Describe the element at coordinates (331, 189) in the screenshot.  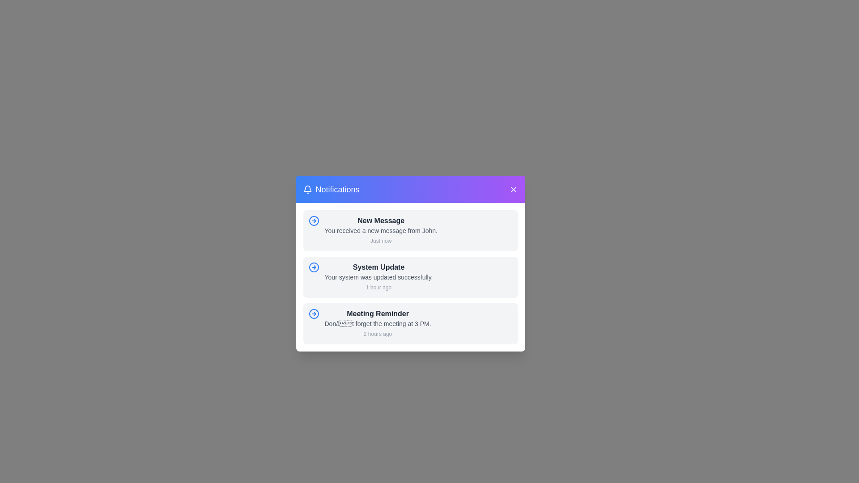
I see `the 'Notifications' label with a bell icon, which is located in the top-left portion of the gradient header bar` at that location.